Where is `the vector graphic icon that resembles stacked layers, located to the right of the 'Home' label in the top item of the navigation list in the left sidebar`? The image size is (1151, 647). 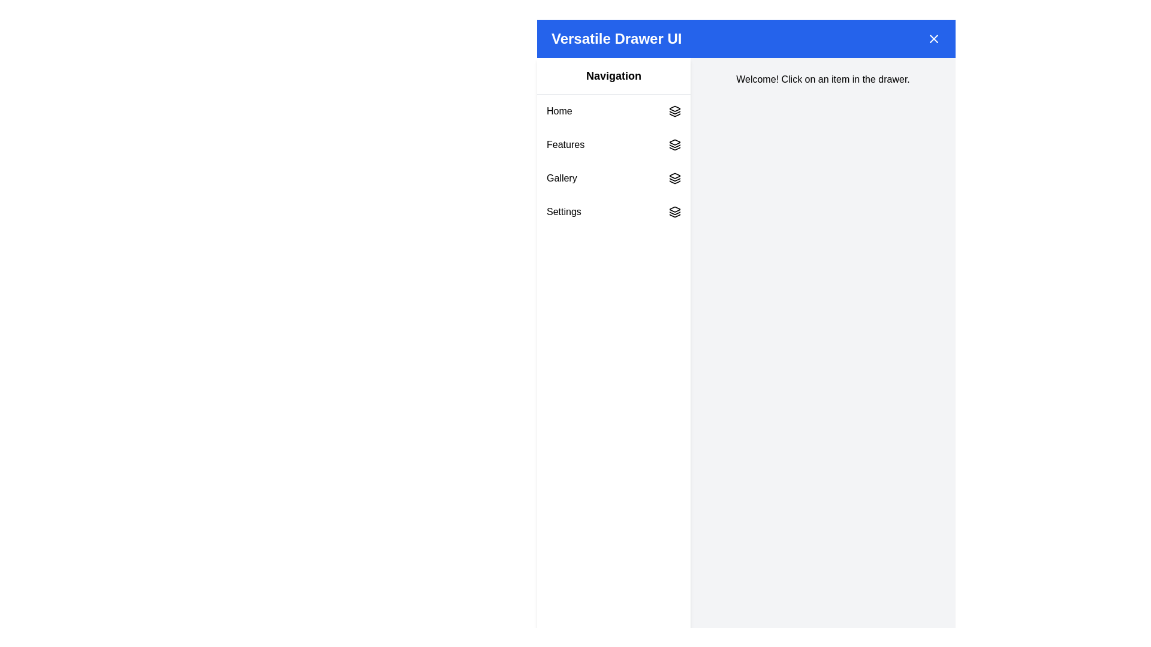
the vector graphic icon that resembles stacked layers, located to the right of the 'Home' label in the top item of the navigation list in the left sidebar is located at coordinates (675, 111).